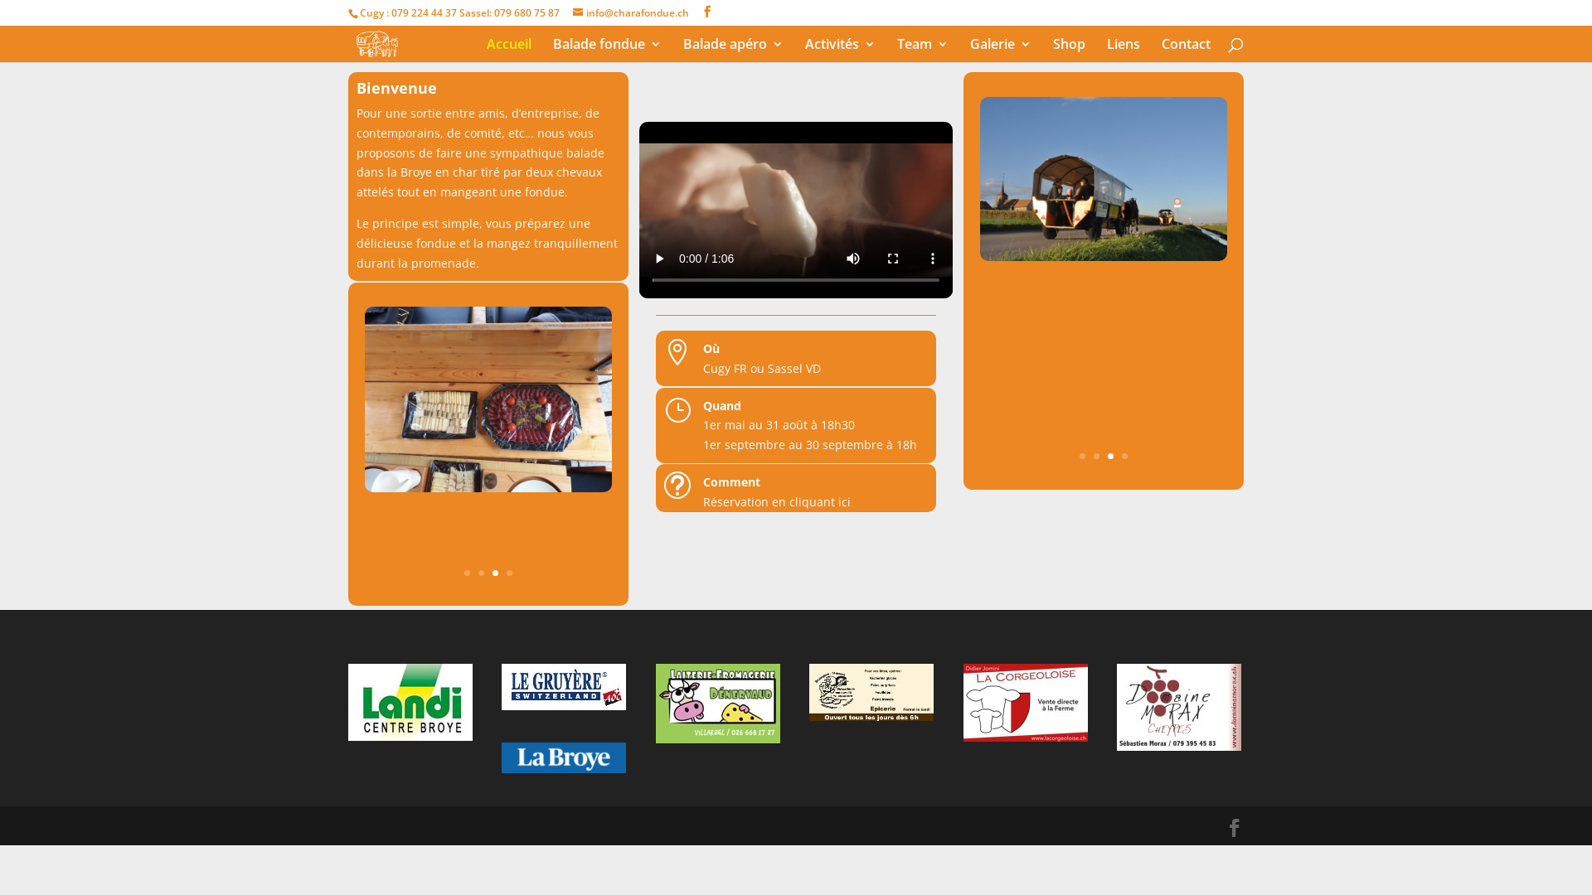  What do you see at coordinates (466, 572) in the screenshot?
I see `'1'` at bounding box center [466, 572].